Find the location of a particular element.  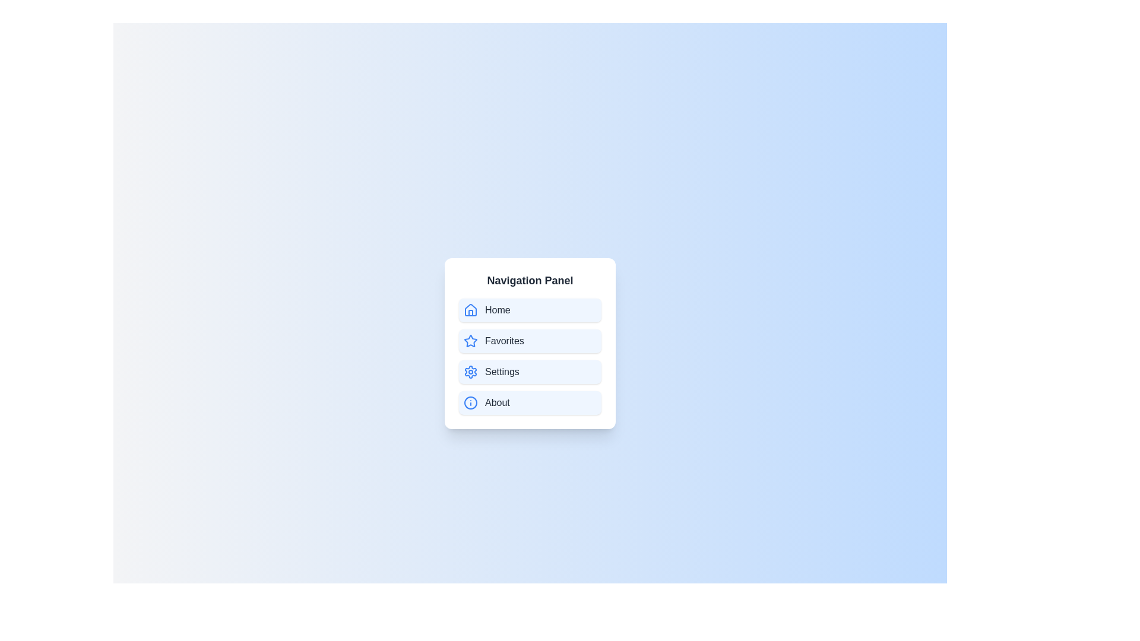

the star icon with a blue outline located is located at coordinates (470, 341).